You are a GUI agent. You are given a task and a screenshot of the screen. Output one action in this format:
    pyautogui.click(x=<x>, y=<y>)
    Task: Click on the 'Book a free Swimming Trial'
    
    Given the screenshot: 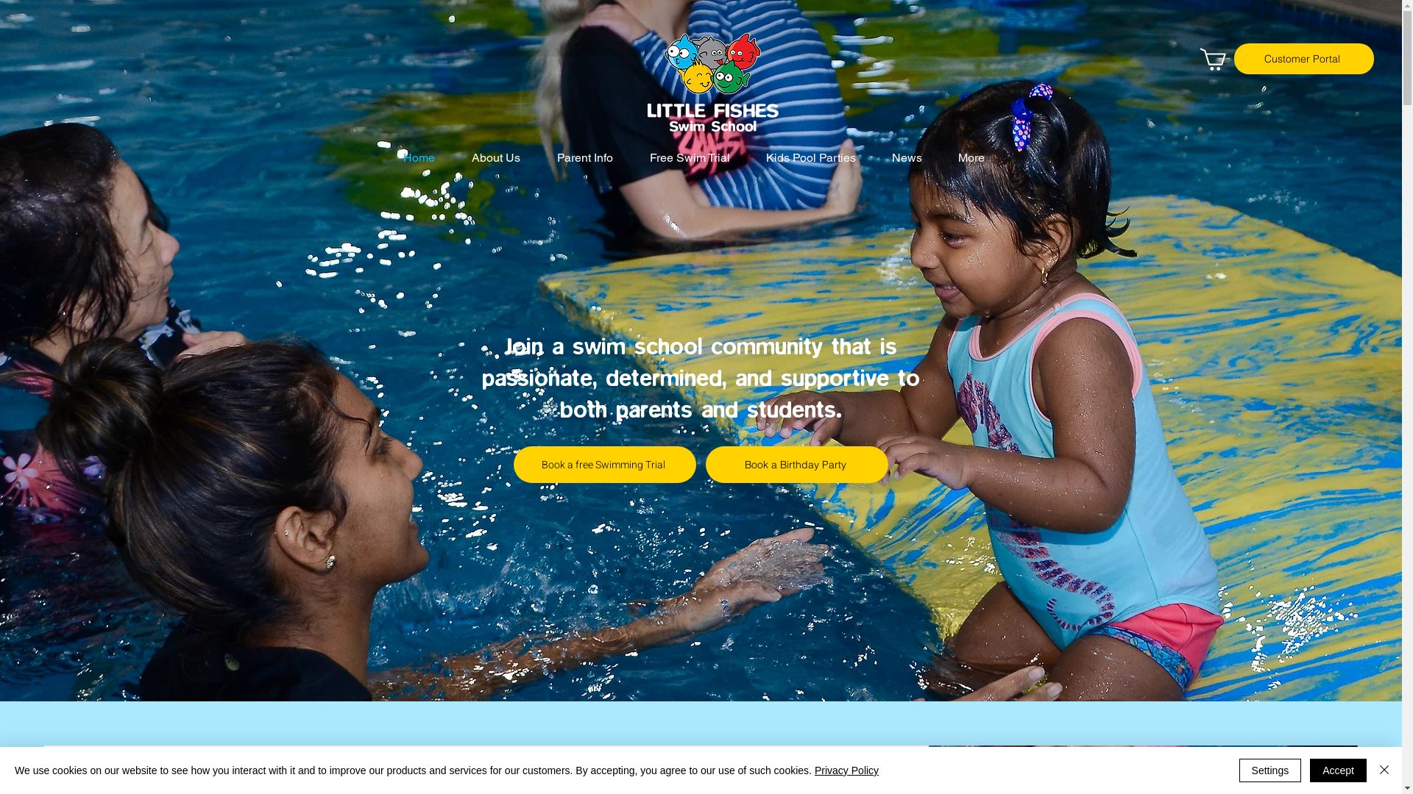 What is the action you would take?
    pyautogui.click(x=600, y=465)
    